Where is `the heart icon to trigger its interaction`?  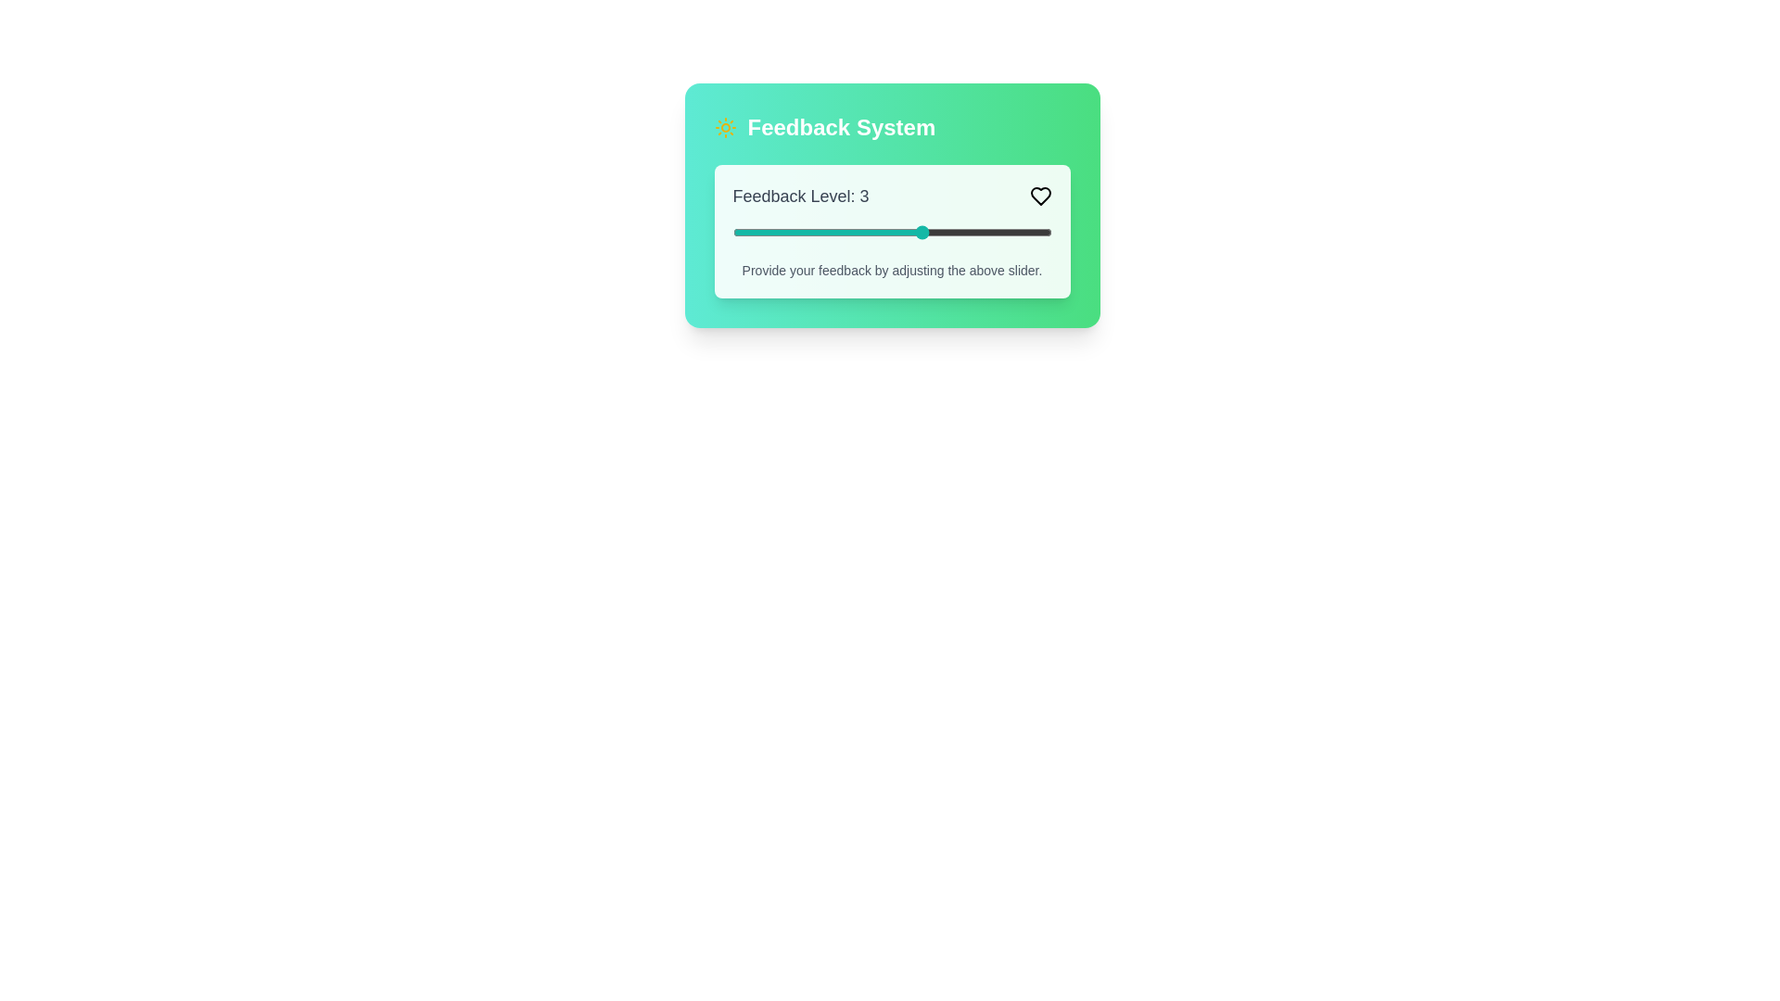
the heart icon to trigger its interaction is located at coordinates (1040, 196).